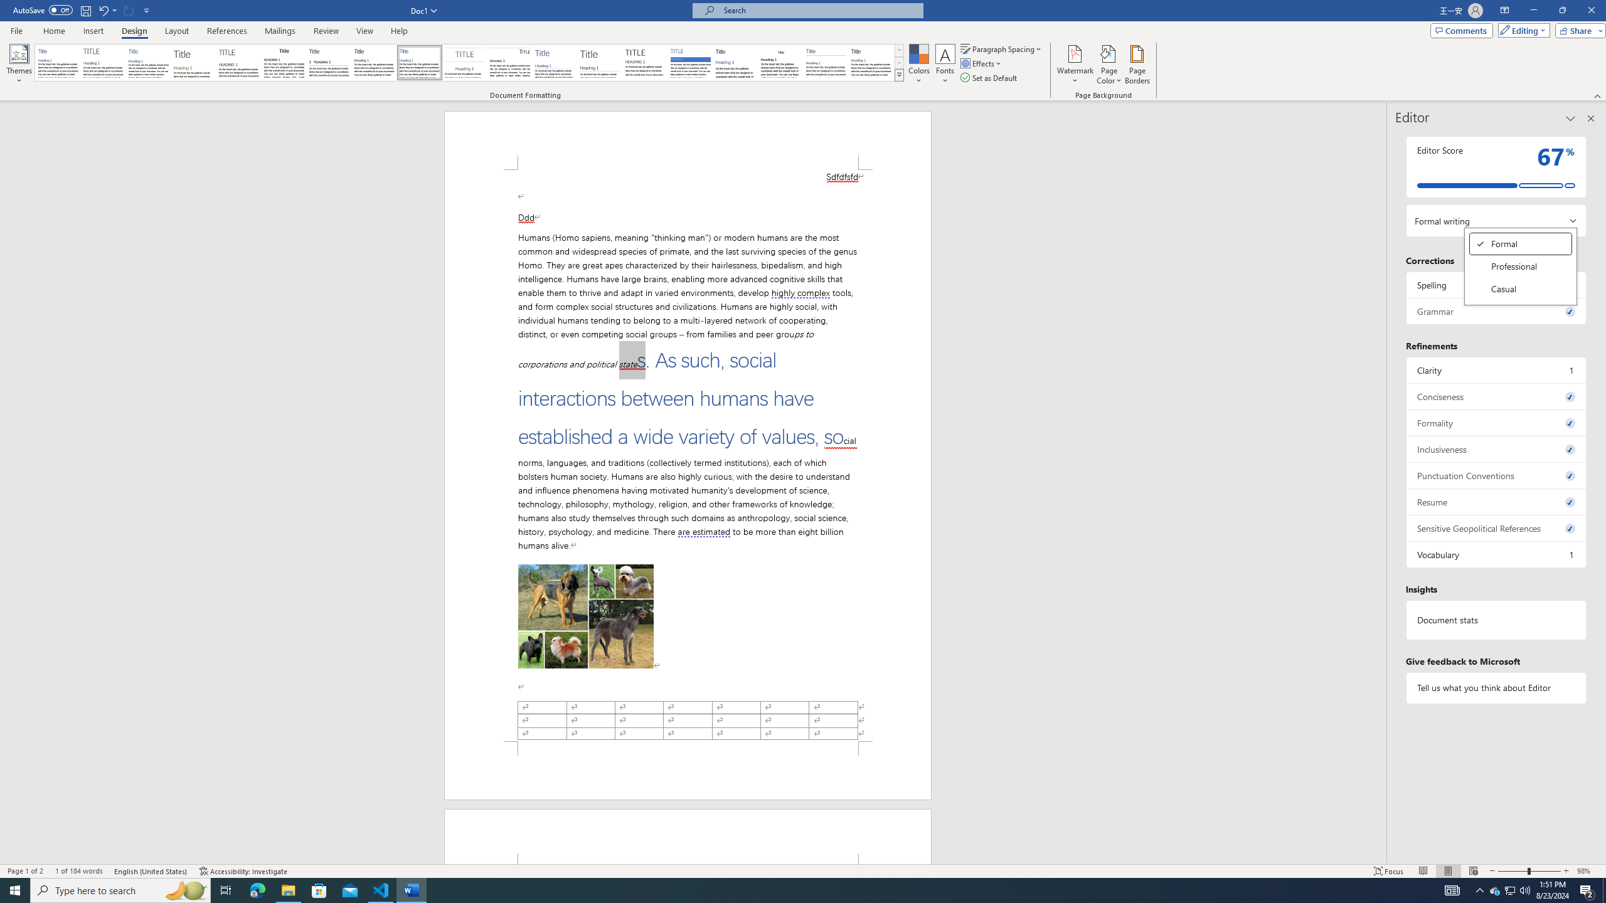  What do you see at coordinates (1137, 65) in the screenshot?
I see `'Page Borders...'` at bounding box center [1137, 65].